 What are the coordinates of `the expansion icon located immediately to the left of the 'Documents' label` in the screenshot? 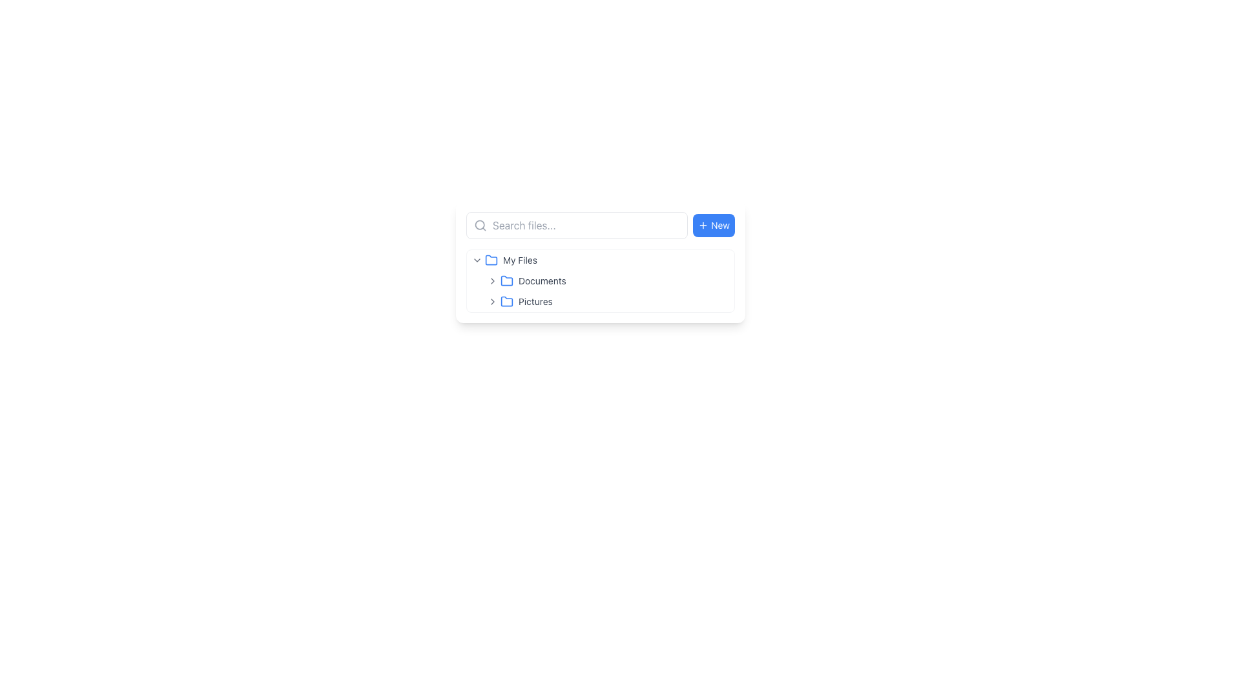 It's located at (492, 280).